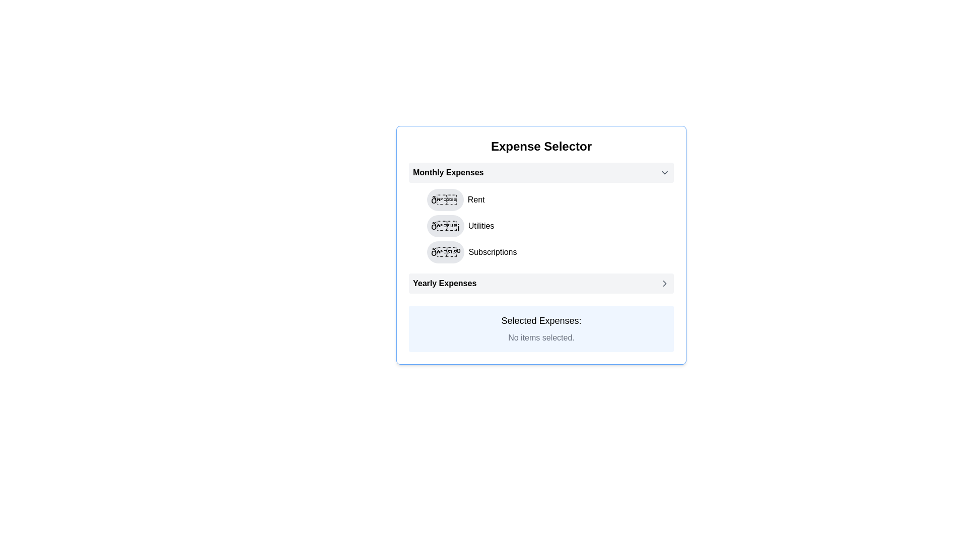  What do you see at coordinates (548, 200) in the screenshot?
I see `the first selectable item labeled 'Rent' in the 'Monthly Expenses' section of the Expense Selector` at bounding box center [548, 200].